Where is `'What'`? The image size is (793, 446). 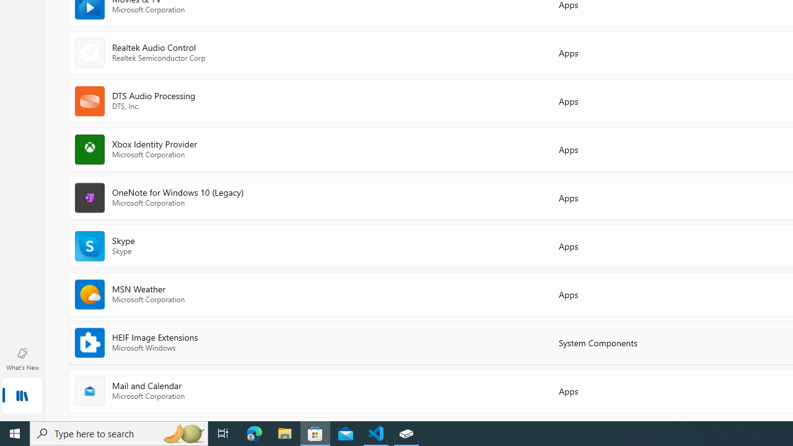
'What' is located at coordinates (22, 358).